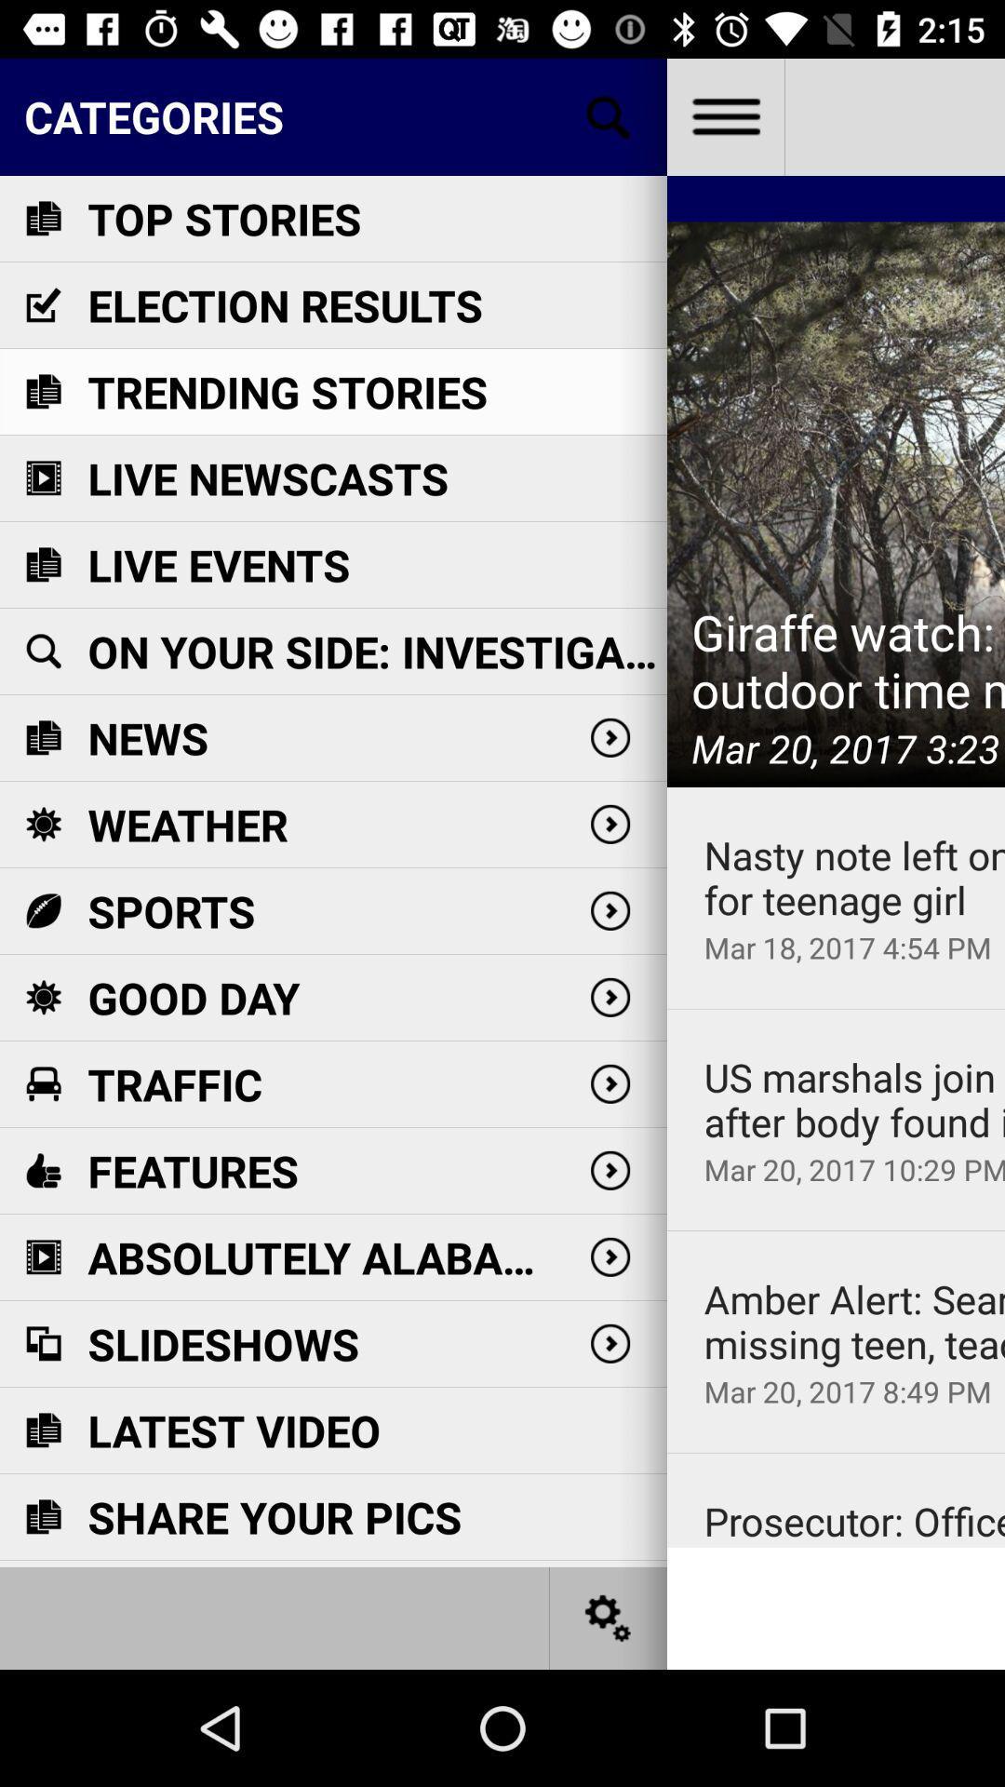 This screenshot has width=1005, height=1787. I want to click on drop down menu, so click(724, 115).